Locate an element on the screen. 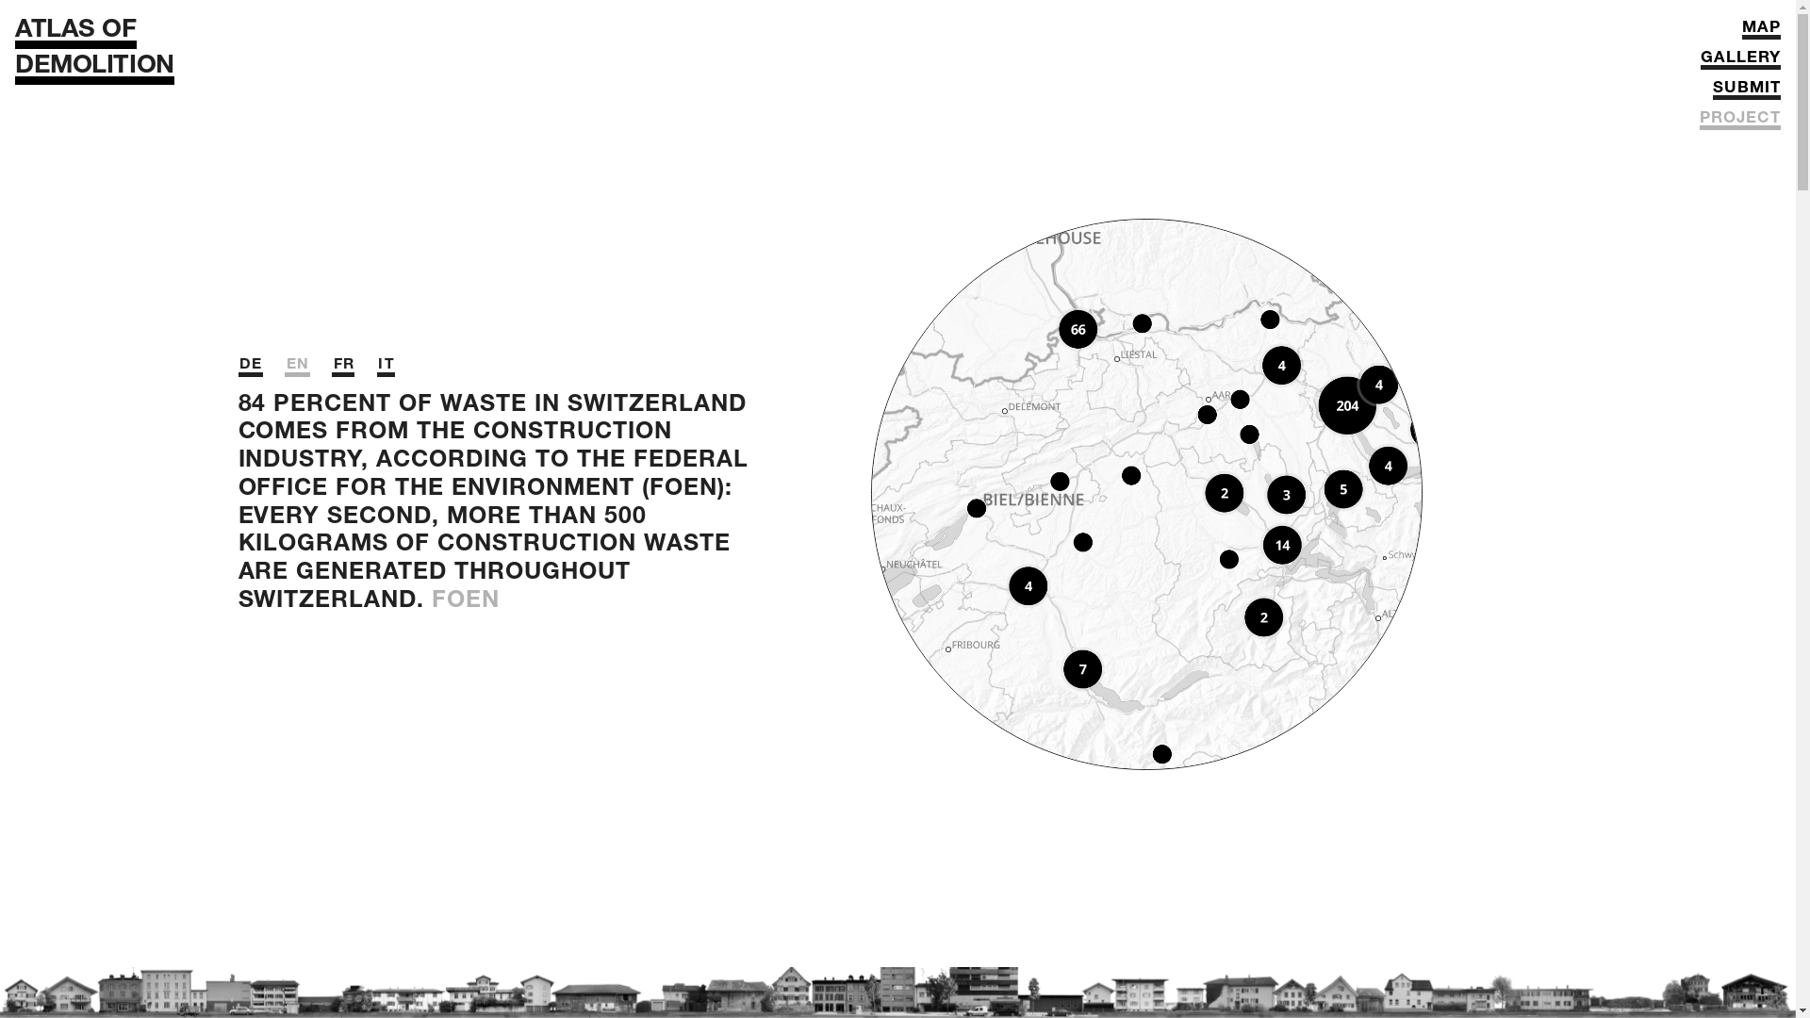 The height and width of the screenshot is (1018, 1810). 'EN' is located at coordinates (296, 367).